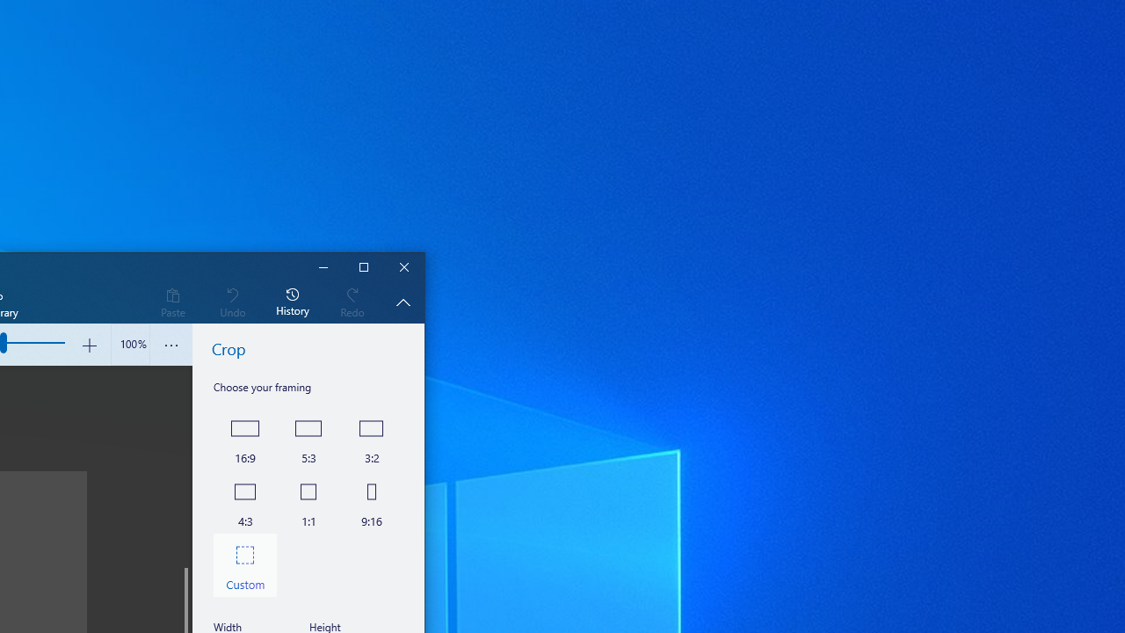 This screenshot has height=633, width=1125. What do you see at coordinates (171, 345) in the screenshot?
I see `'View more options'` at bounding box center [171, 345].